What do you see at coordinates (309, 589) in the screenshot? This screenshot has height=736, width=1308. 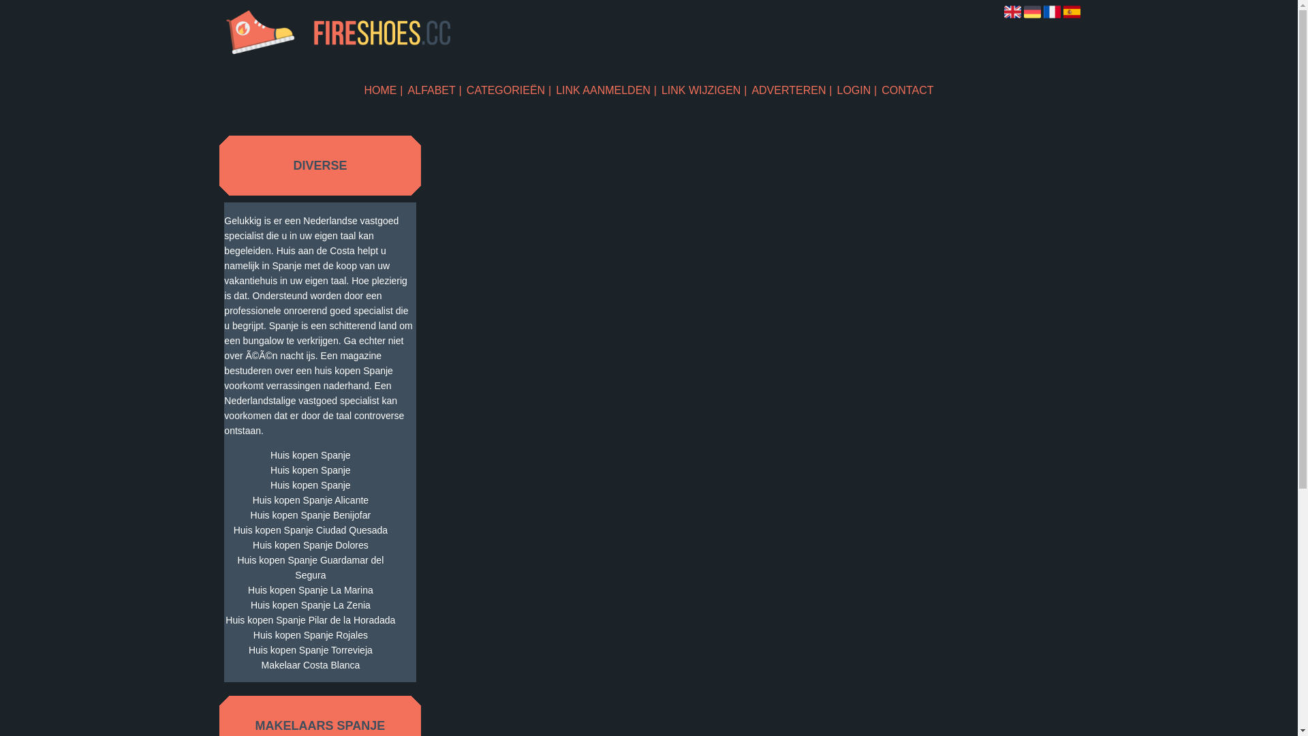 I see `'Huis kopen Spanje La Marina'` at bounding box center [309, 589].